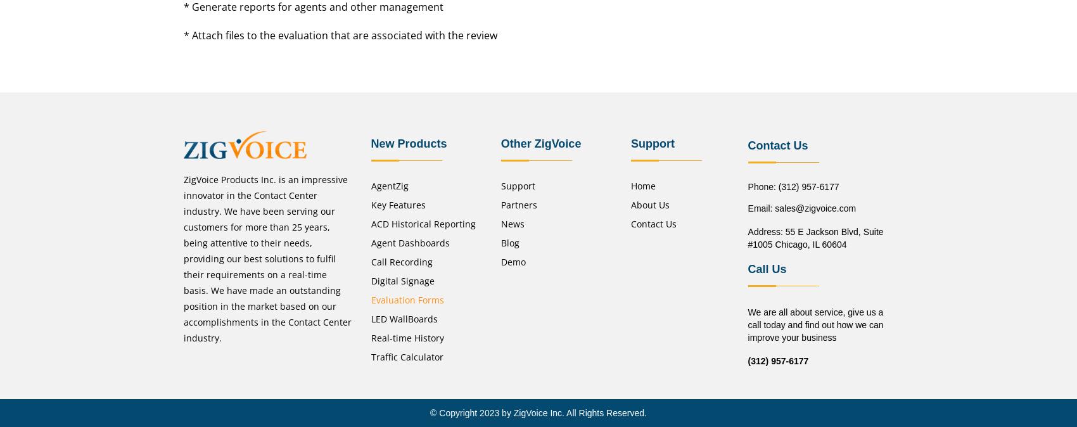  Describe the element at coordinates (400, 261) in the screenshot. I see `'Call Recording'` at that location.